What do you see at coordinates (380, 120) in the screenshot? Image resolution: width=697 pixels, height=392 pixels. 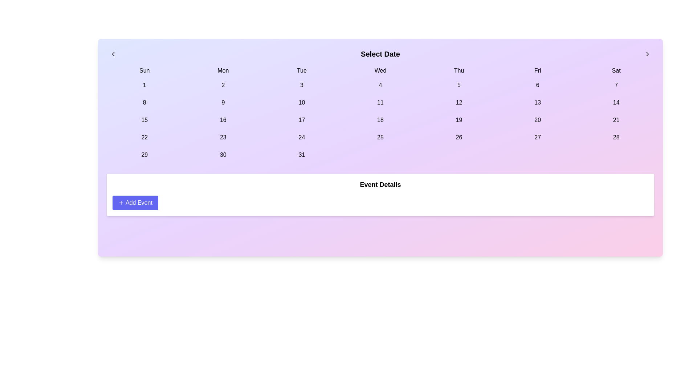 I see `the calendar day cell displaying the text '18', which is styled as a rounded rectangle with a light purple background in the 5th column of the 3rd row of the calendar grid` at bounding box center [380, 120].